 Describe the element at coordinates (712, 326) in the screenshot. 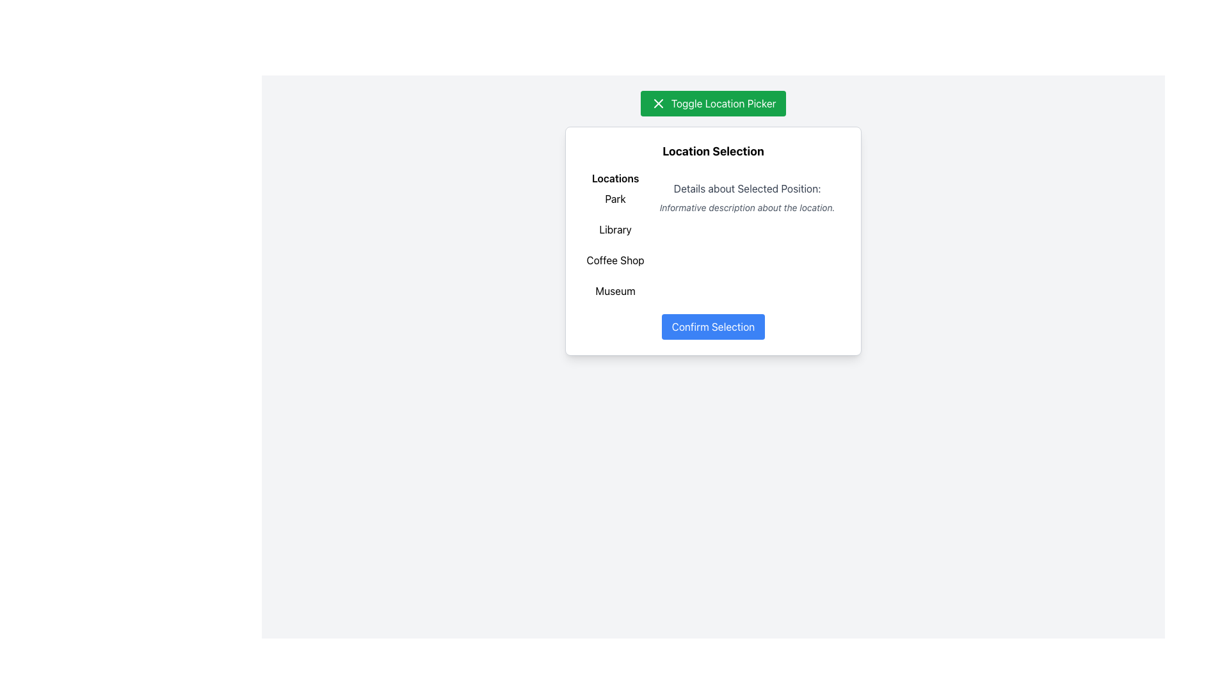

I see `the confirmation button located at the bottom of the card to trigger the hover effect` at that location.